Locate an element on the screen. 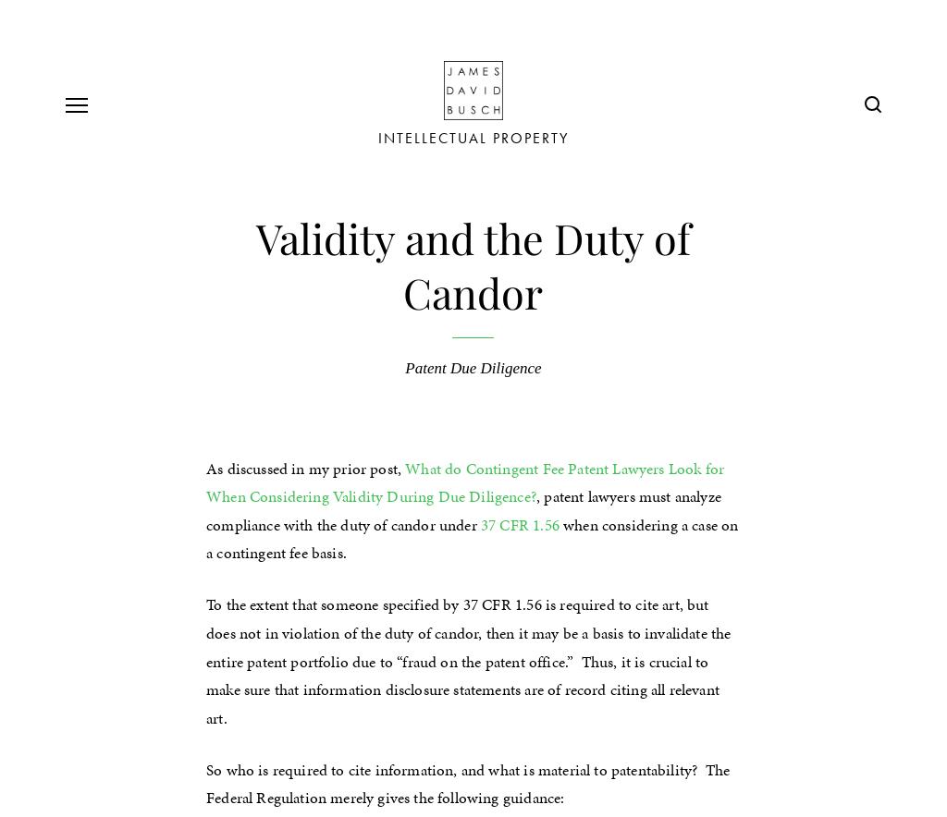 The width and height of the screenshot is (947, 817). ', patent lawyers must analyze compliance with the duty of candor under' is located at coordinates (205, 509).